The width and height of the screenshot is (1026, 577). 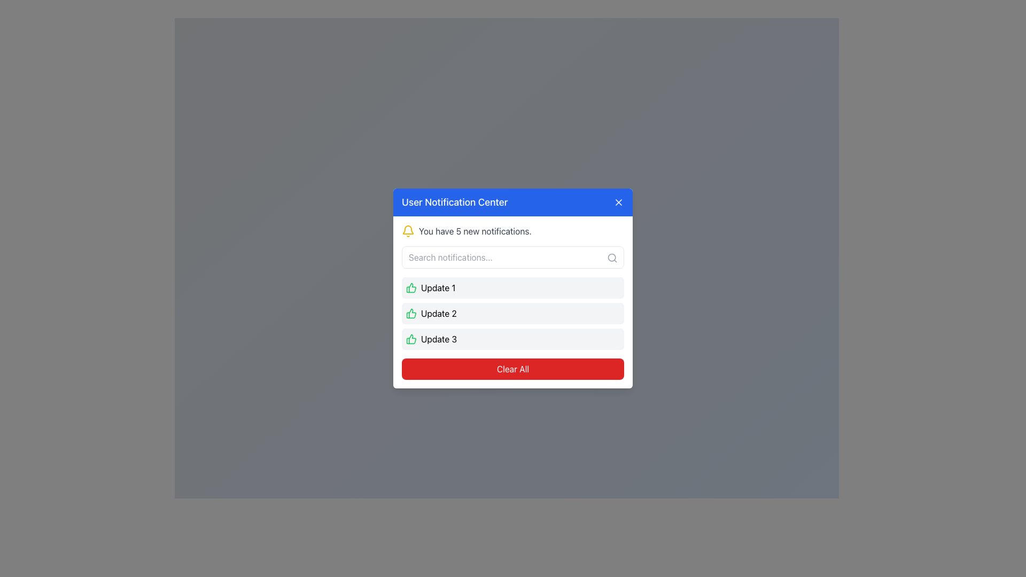 I want to click on notification information displayed as 'You have 5 new notifications.' in the notification panel, which is styled in gray and accompanied by a yellow bell icon, so click(x=513, y=230).